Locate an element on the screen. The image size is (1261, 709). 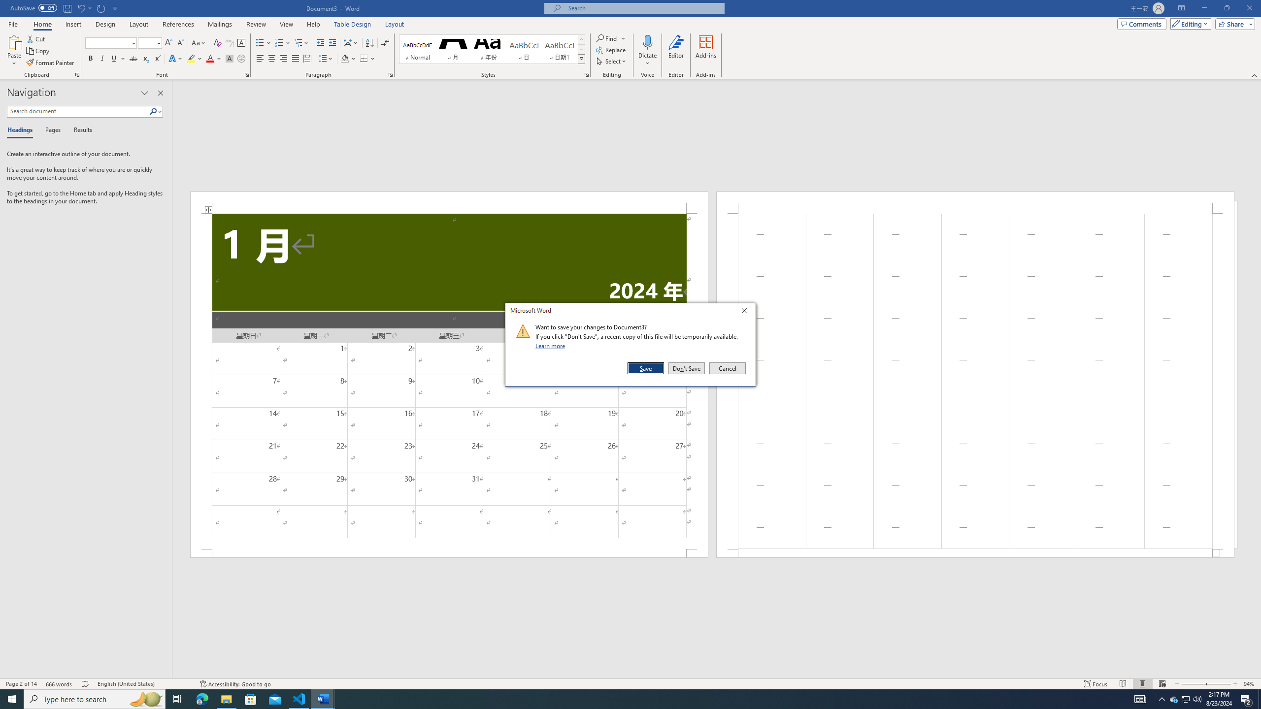
'Layout' is located at coordinates (394, 24).